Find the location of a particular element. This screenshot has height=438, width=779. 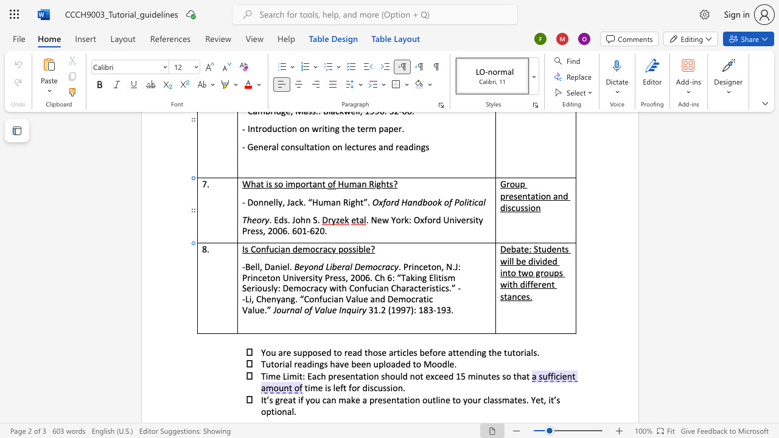

the space between the continuous character "s" and "i" in the text is located at coordinates (355, 248).